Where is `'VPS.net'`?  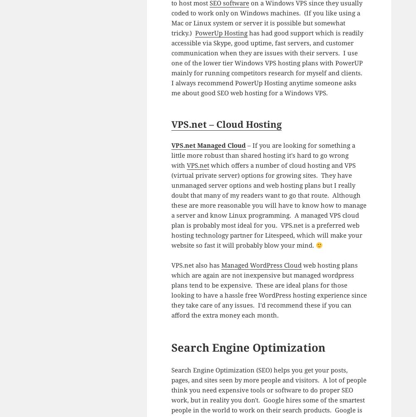
'VPS.net' is located at coordinates (197, 165).